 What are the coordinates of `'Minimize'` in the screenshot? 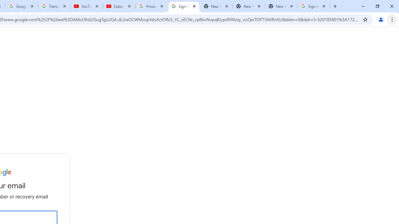 It's located at (363, 6).